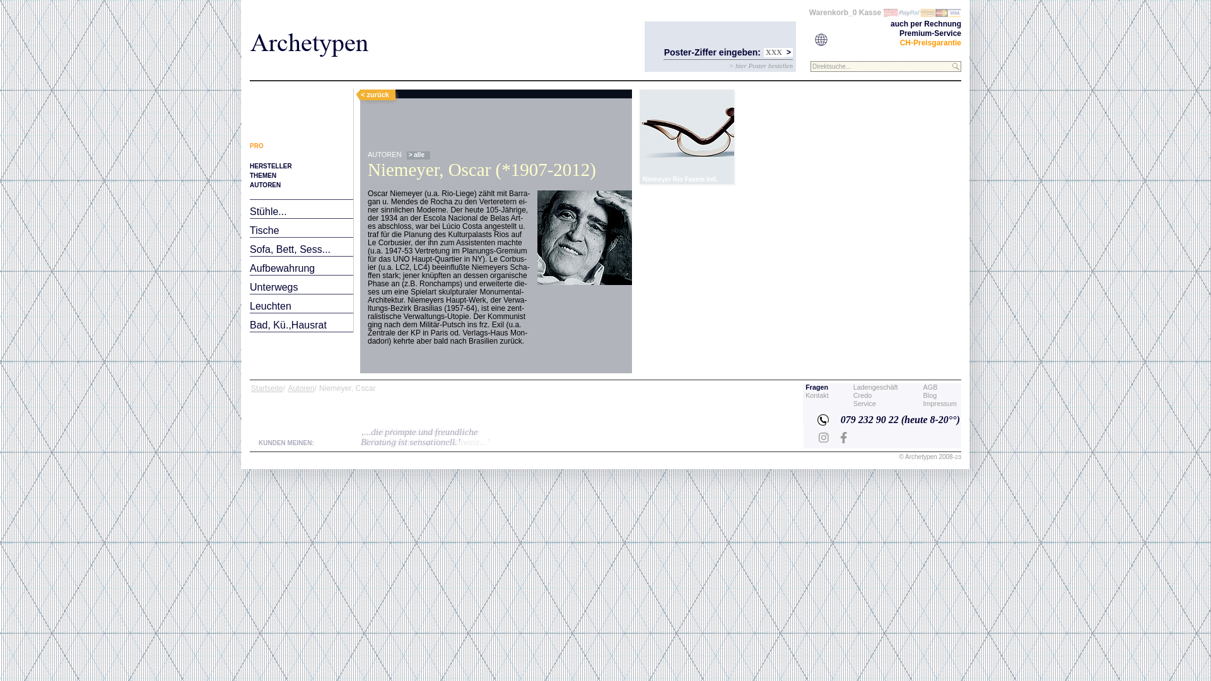  Describe the element at coordinates (729, 66) in the screenshot. I see `'> hier Poster bestellen'` at that location.